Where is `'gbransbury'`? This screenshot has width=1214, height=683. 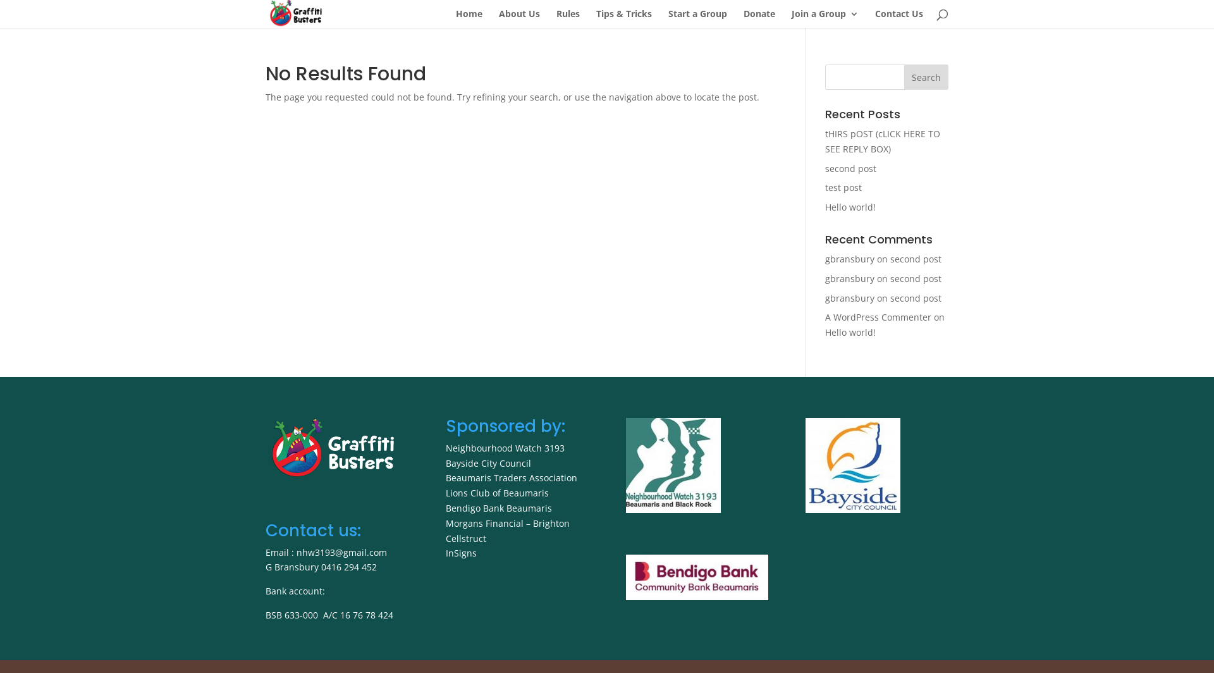
'gbransbury' is located at coordinates (850, 258).